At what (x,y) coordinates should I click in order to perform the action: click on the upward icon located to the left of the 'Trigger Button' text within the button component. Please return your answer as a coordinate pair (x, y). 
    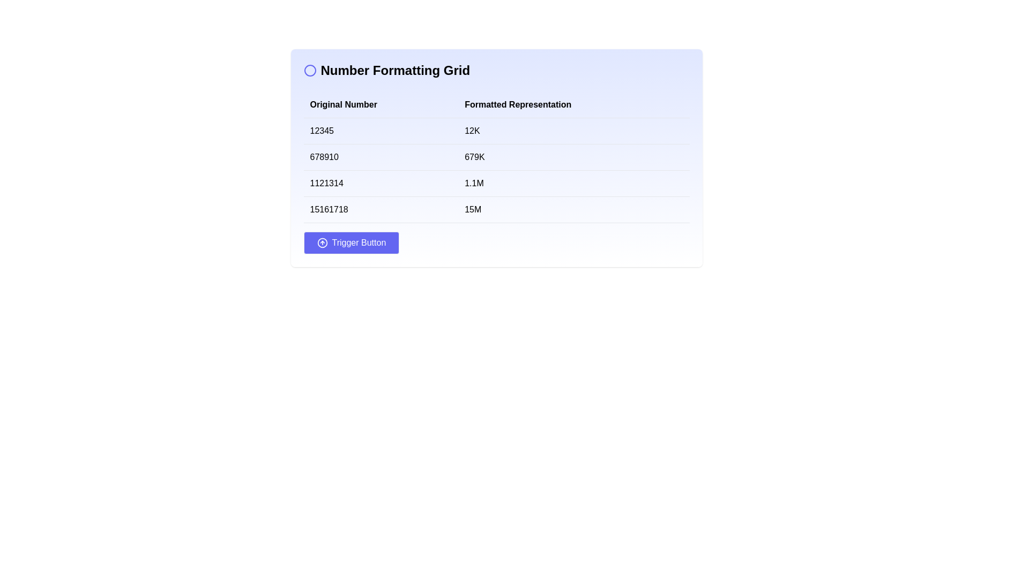
    Looking at the image, I should click on (322, 243).